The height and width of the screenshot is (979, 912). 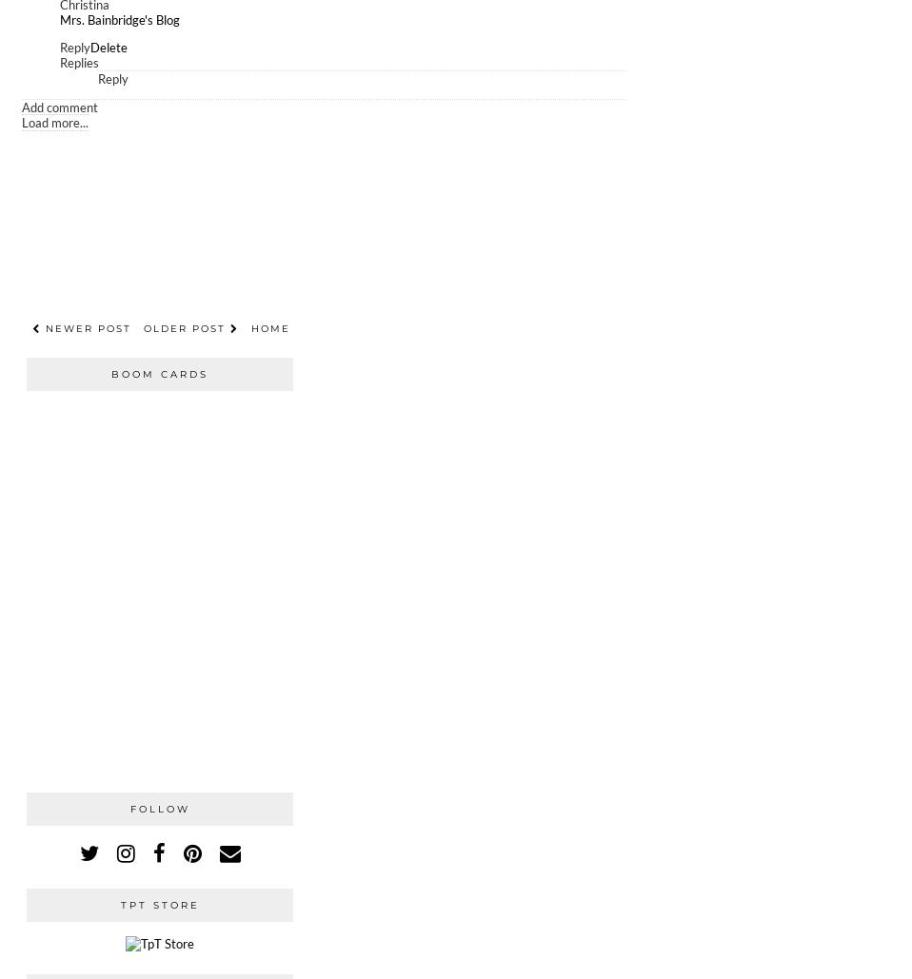 I want to click on 'TpT Store', so click(x=158, y=904).